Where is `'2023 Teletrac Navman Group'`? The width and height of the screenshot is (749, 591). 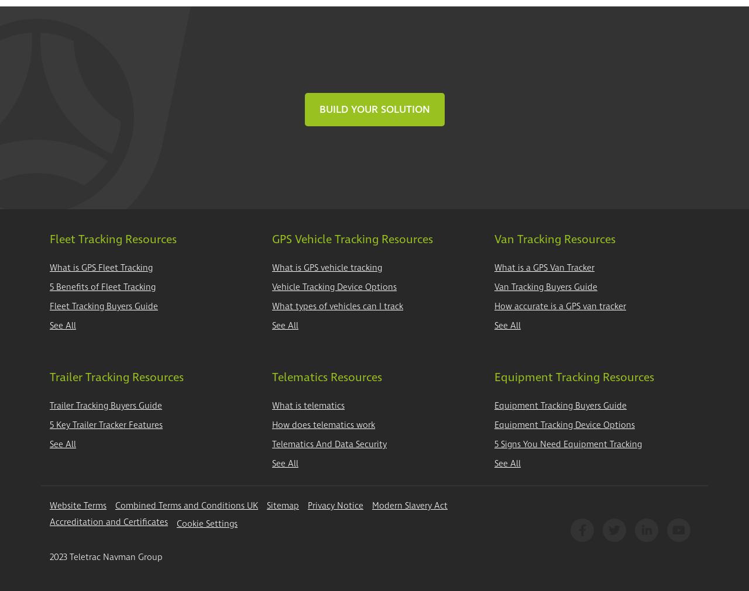
'2023 Teletrac Navman Group' is located at coordinates (106, 557).